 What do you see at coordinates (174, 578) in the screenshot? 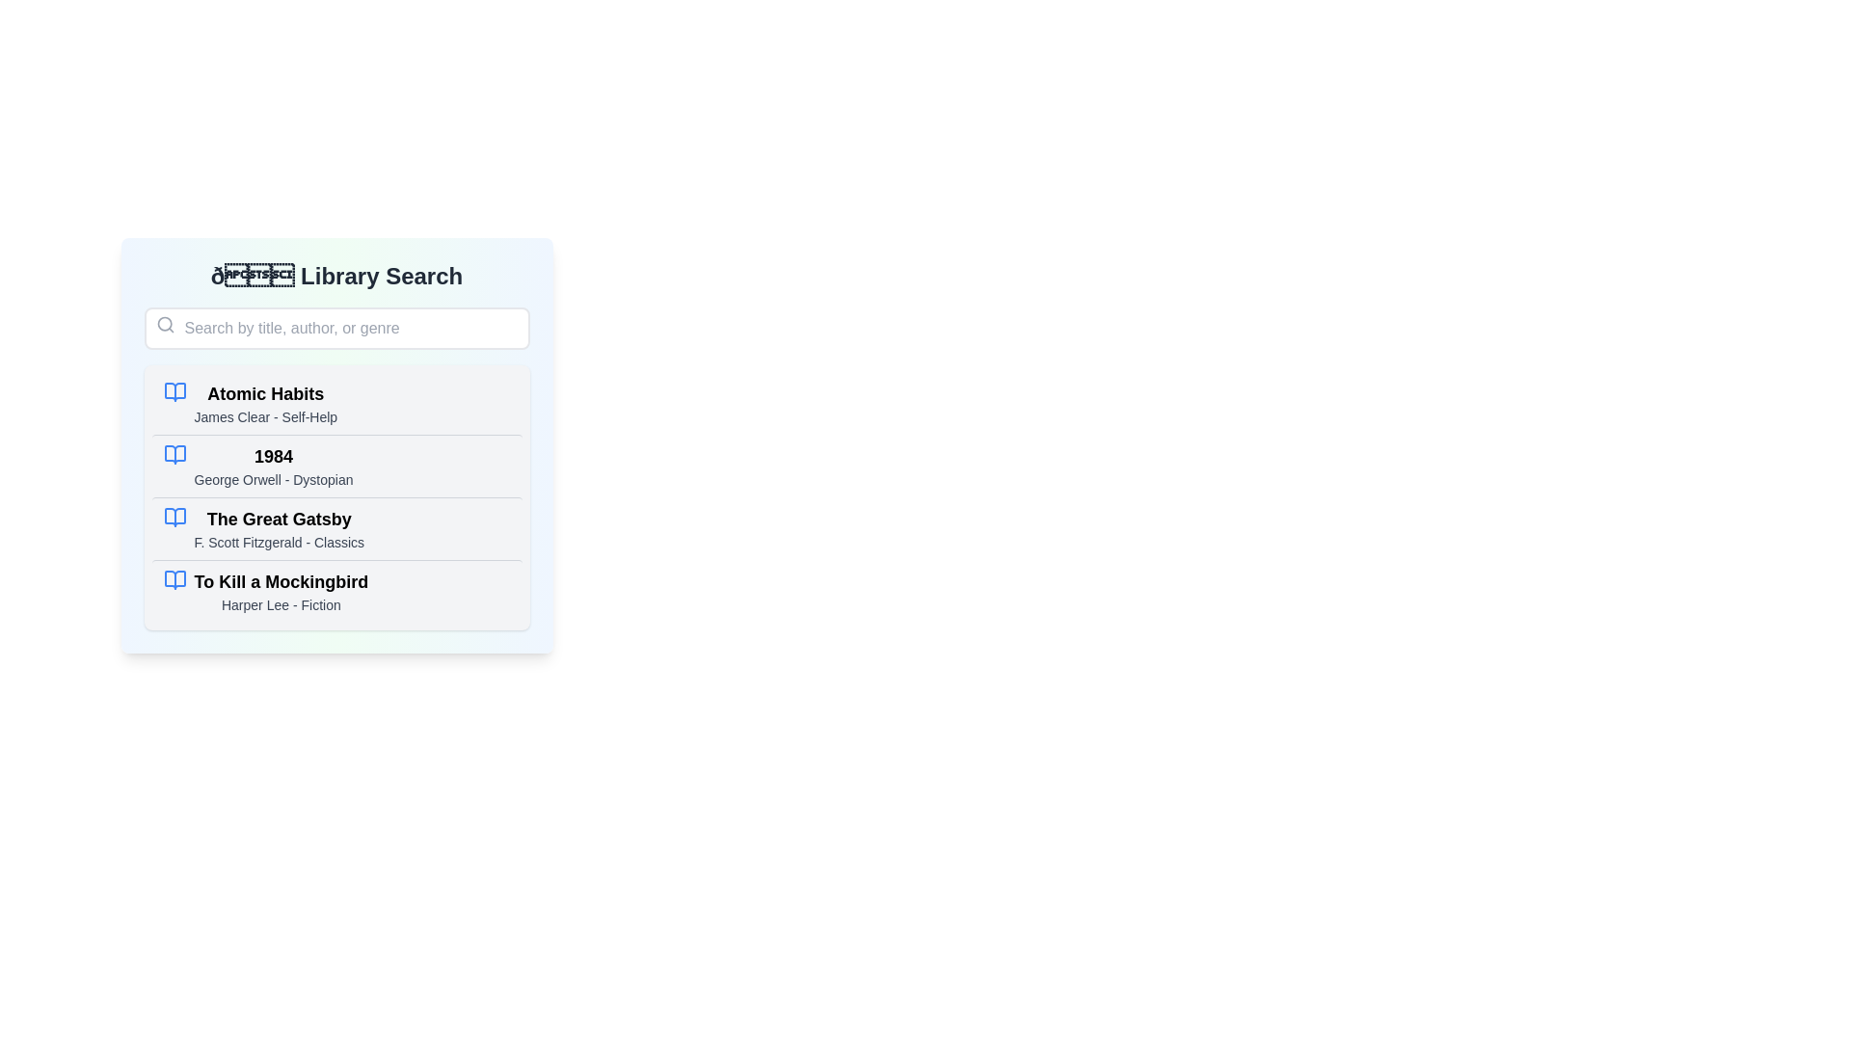
I see `the blue book icon located to the left of the text 'To Kill a Mockingbird' in the library search result list, which is the leftmost visual component of the last item in the list` at bounding box center [174, 578].